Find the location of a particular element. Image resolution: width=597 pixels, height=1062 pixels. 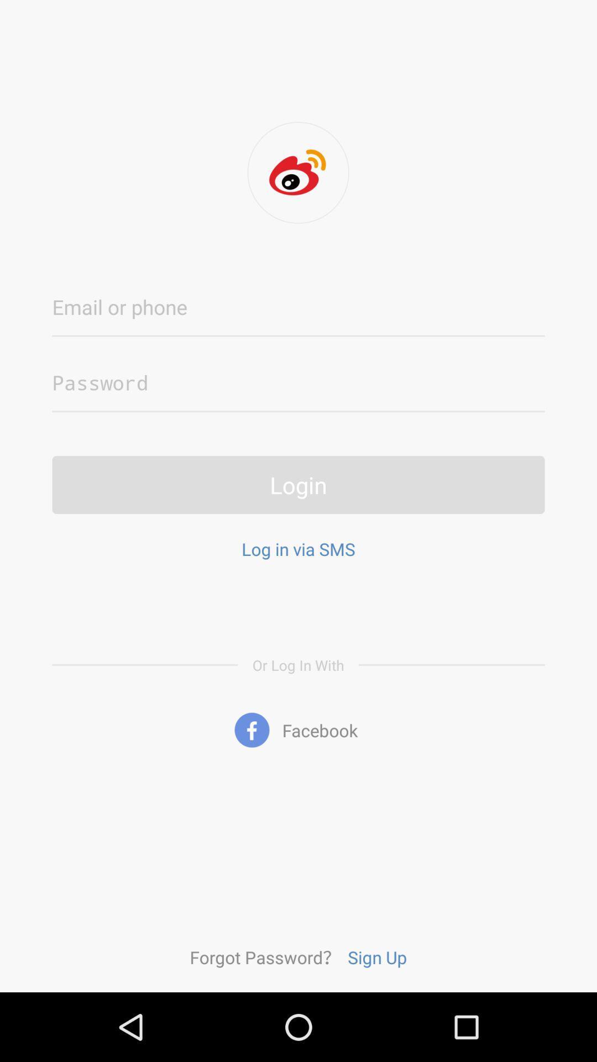

the sign up is located at coordinates (376, 956).